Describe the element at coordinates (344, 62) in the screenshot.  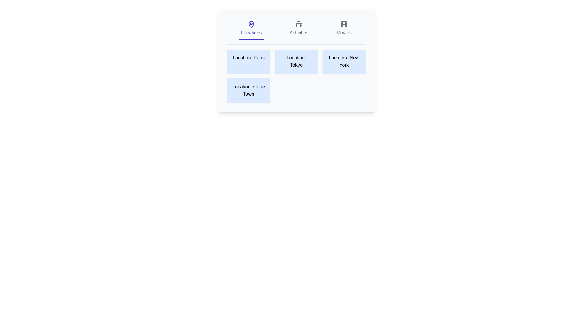
I see `the location card labeled New York` at that location.